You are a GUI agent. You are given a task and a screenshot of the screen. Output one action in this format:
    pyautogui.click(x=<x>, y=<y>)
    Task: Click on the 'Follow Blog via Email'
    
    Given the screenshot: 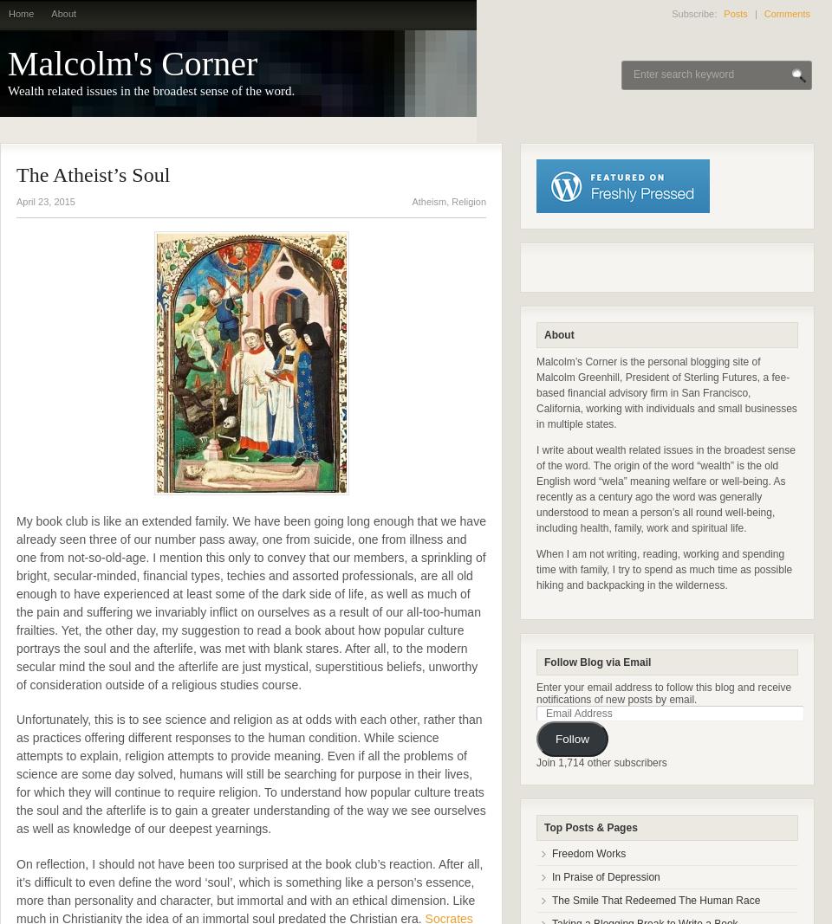 What is the action you would take?
    pyautogui.click(x=543, y=662)
    